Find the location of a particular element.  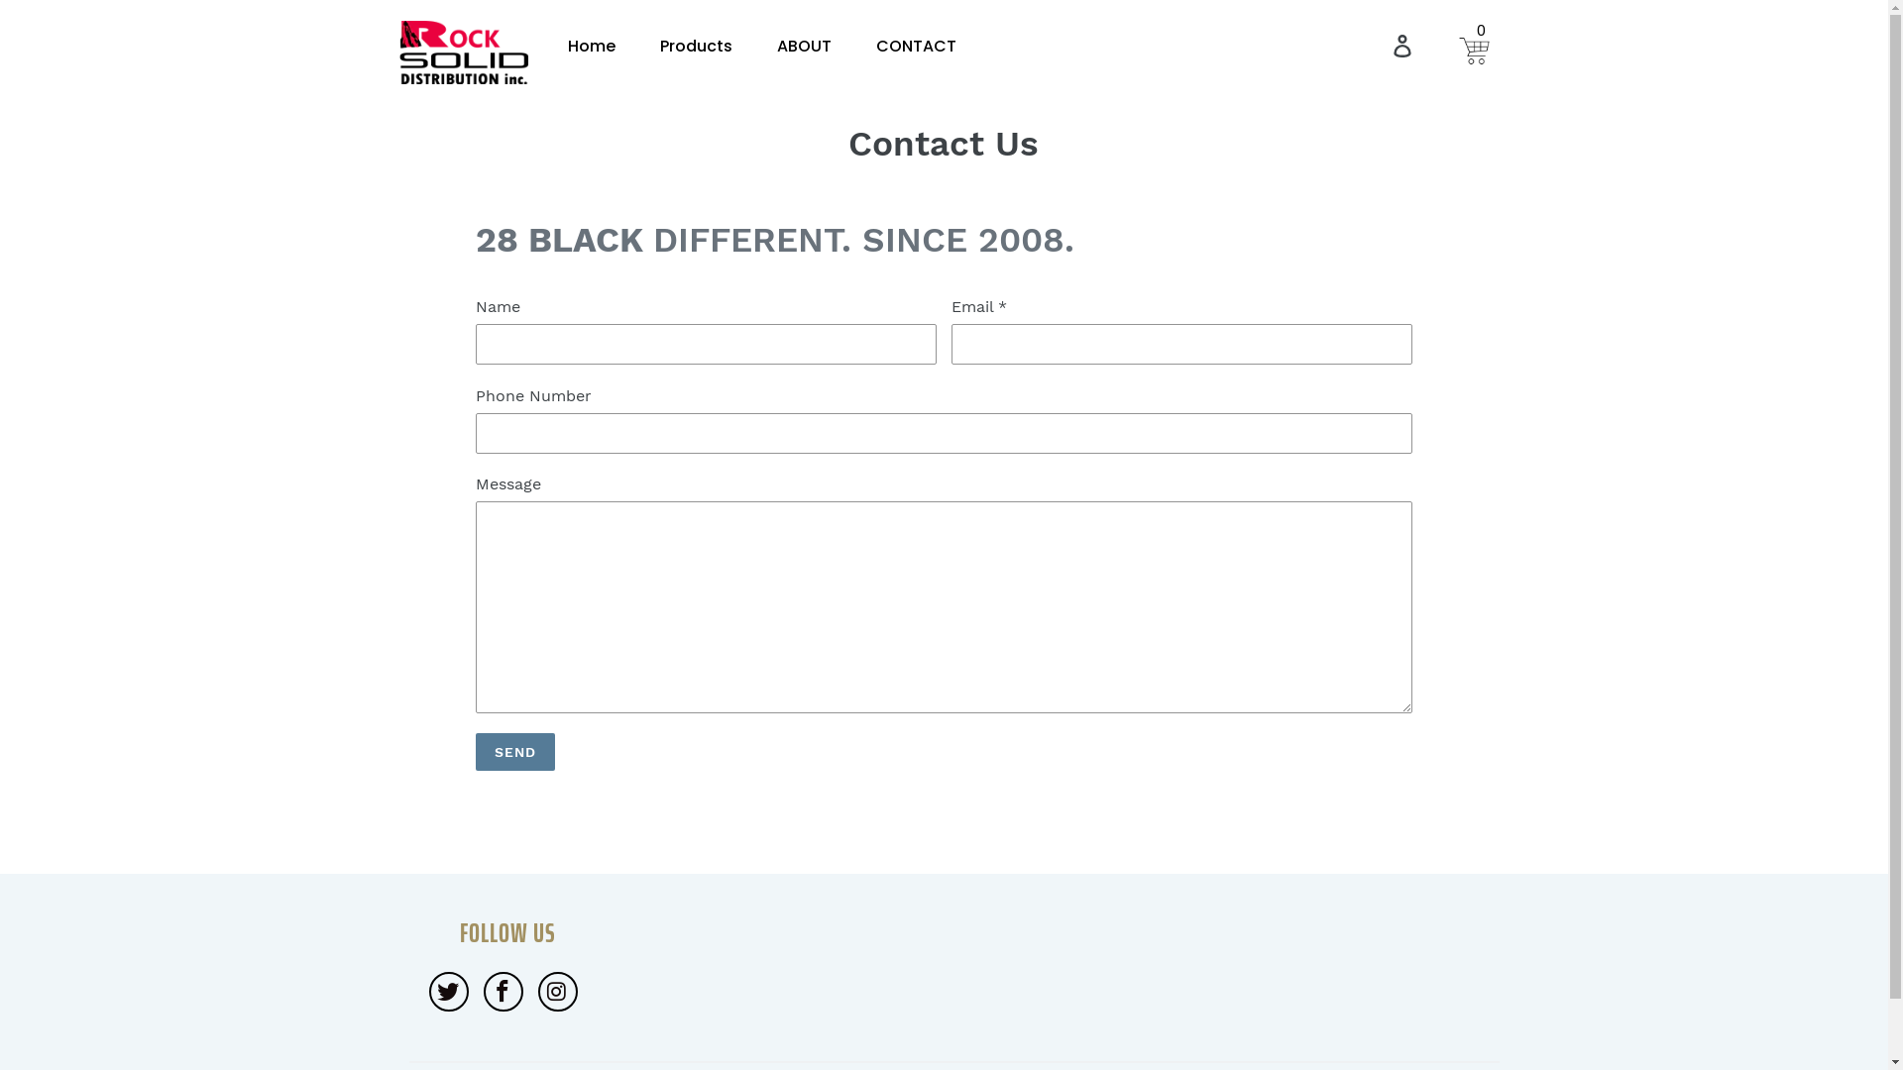

'Home' is located at coordinates (565, 45).